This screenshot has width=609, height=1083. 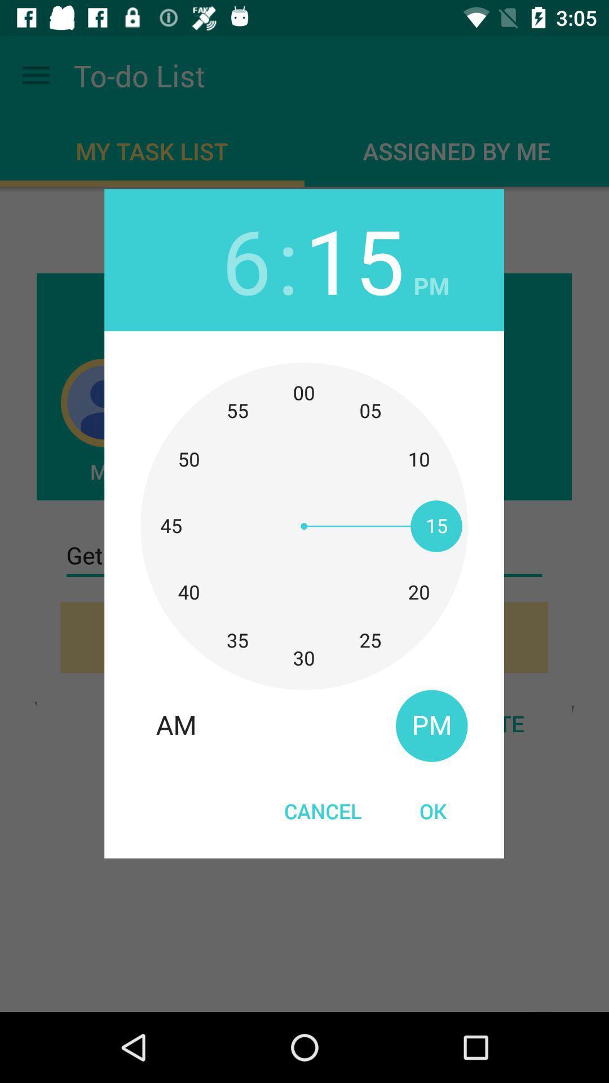 What do you see at coordinates (354, 259) in the screenshot?
I see `15` at bounding box center [354, 259].